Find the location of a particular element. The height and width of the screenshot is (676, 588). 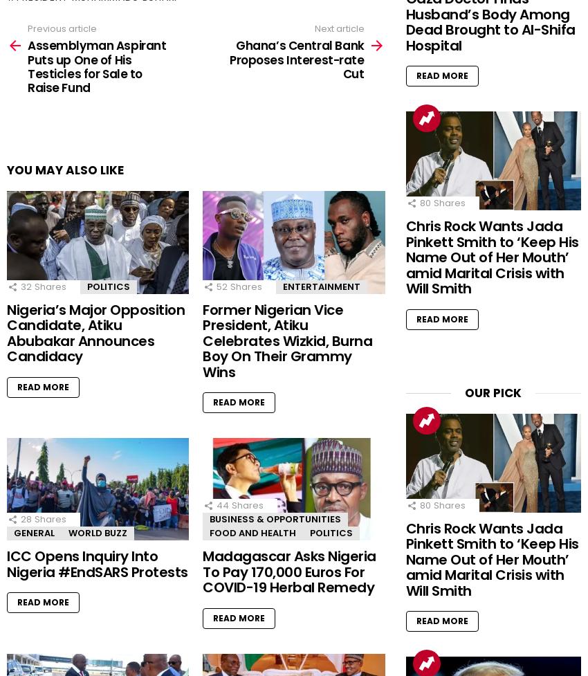

'Former Nigerian Vice President, Atiku Celebrates Wizkid, Burna Boy On Their Grammy Wins' is located at coordinates (287, 340).